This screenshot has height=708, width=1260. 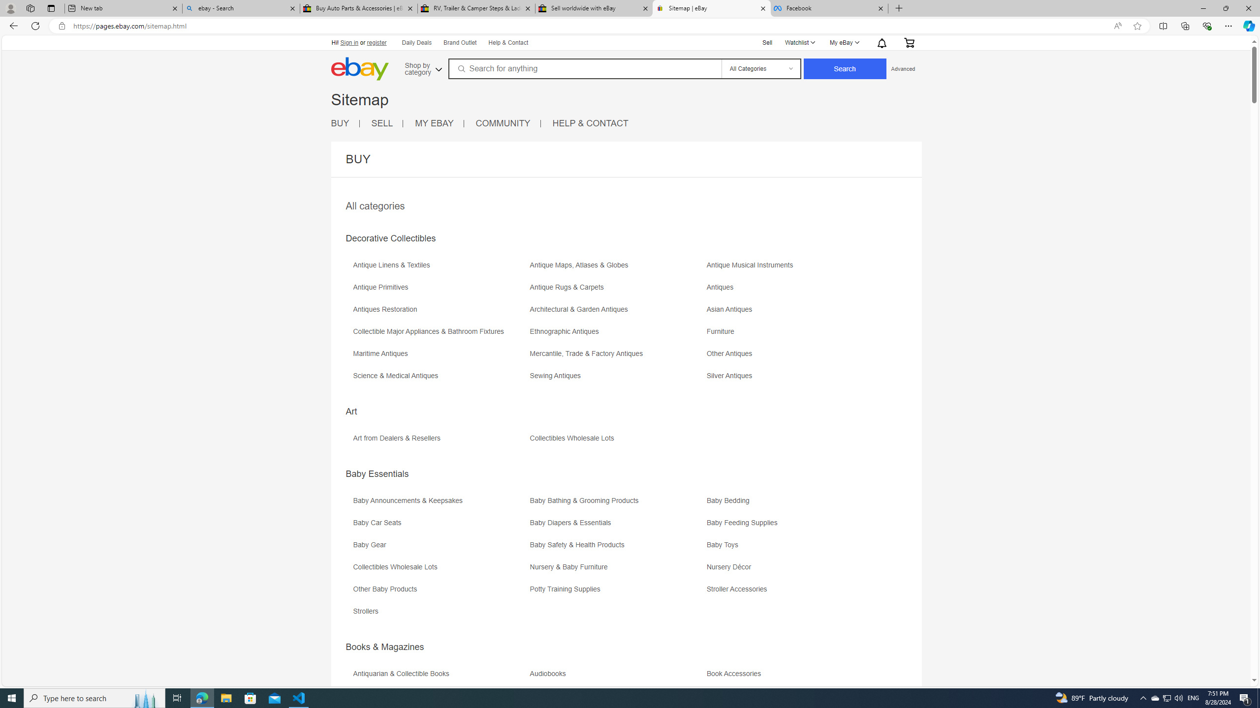 I want to click on 'Science & Medical Antiques', so click(x=440, y=379).